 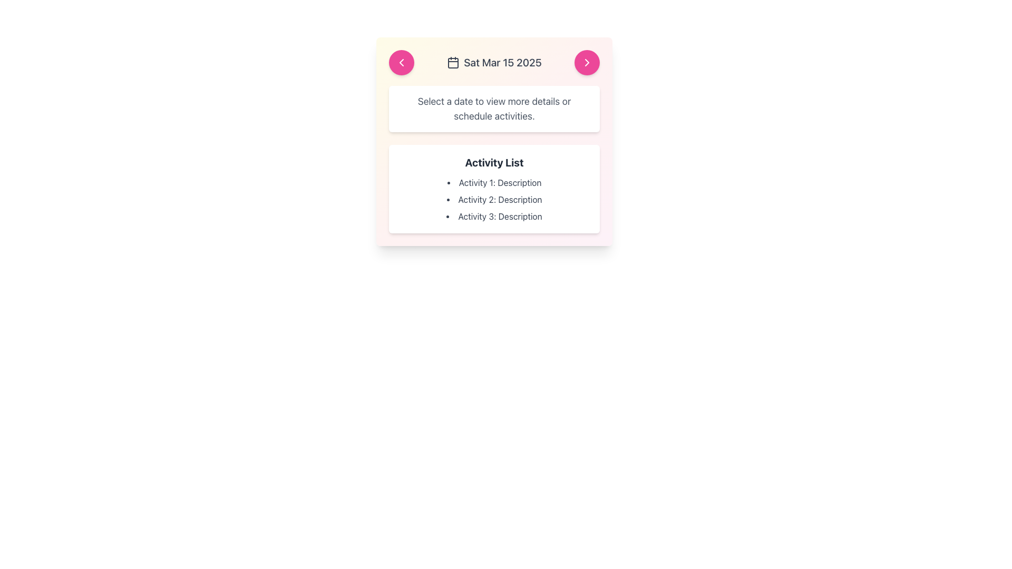 I want to click on the navigation button located at the top right of the card interface to move forward in the sequential view or calendar, so click(x=586, y=63).